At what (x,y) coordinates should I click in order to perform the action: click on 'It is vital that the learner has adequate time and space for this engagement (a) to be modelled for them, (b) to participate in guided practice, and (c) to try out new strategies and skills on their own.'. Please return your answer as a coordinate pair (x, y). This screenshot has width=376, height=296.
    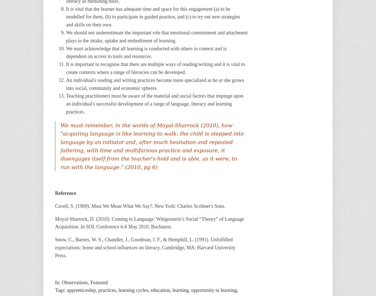
    Looking at the image, I should click on (153, 16).